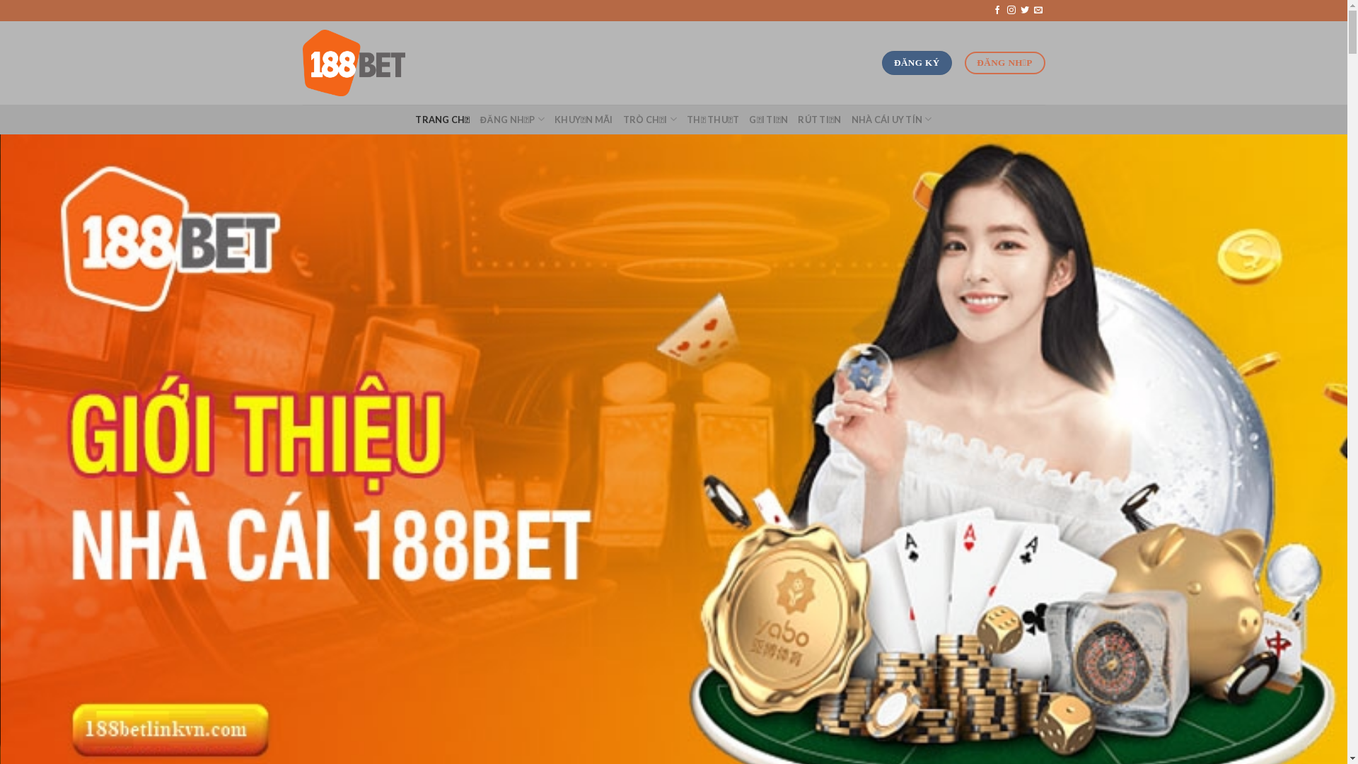 This screenshot has height=764, width=1358. I want to click on 'Send us an email', so click(1038, 11).